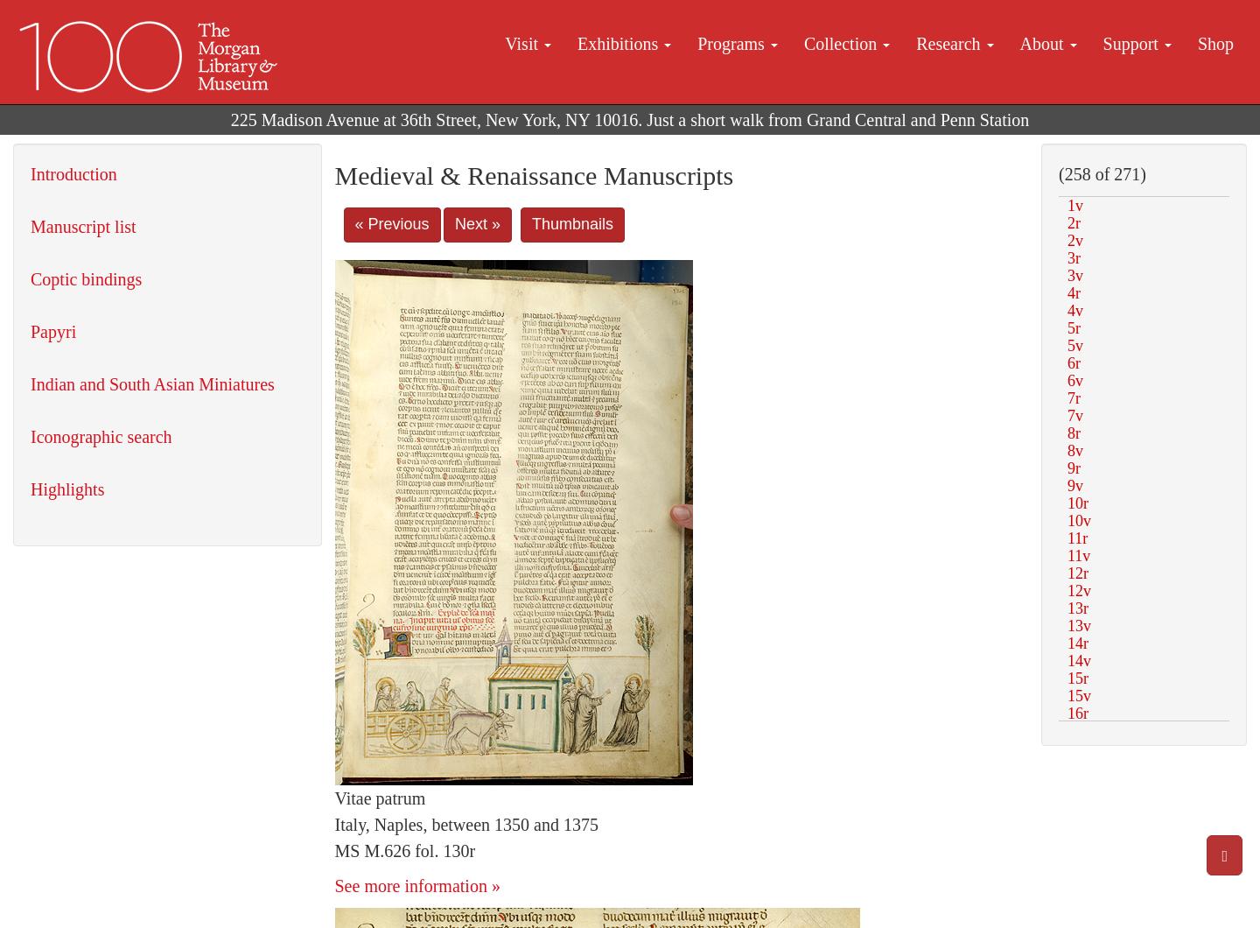  Describe the element at coordinates (532, 174) in the screenshot. I see `'Medieval & Renaissance Manuscripts'` at that location.